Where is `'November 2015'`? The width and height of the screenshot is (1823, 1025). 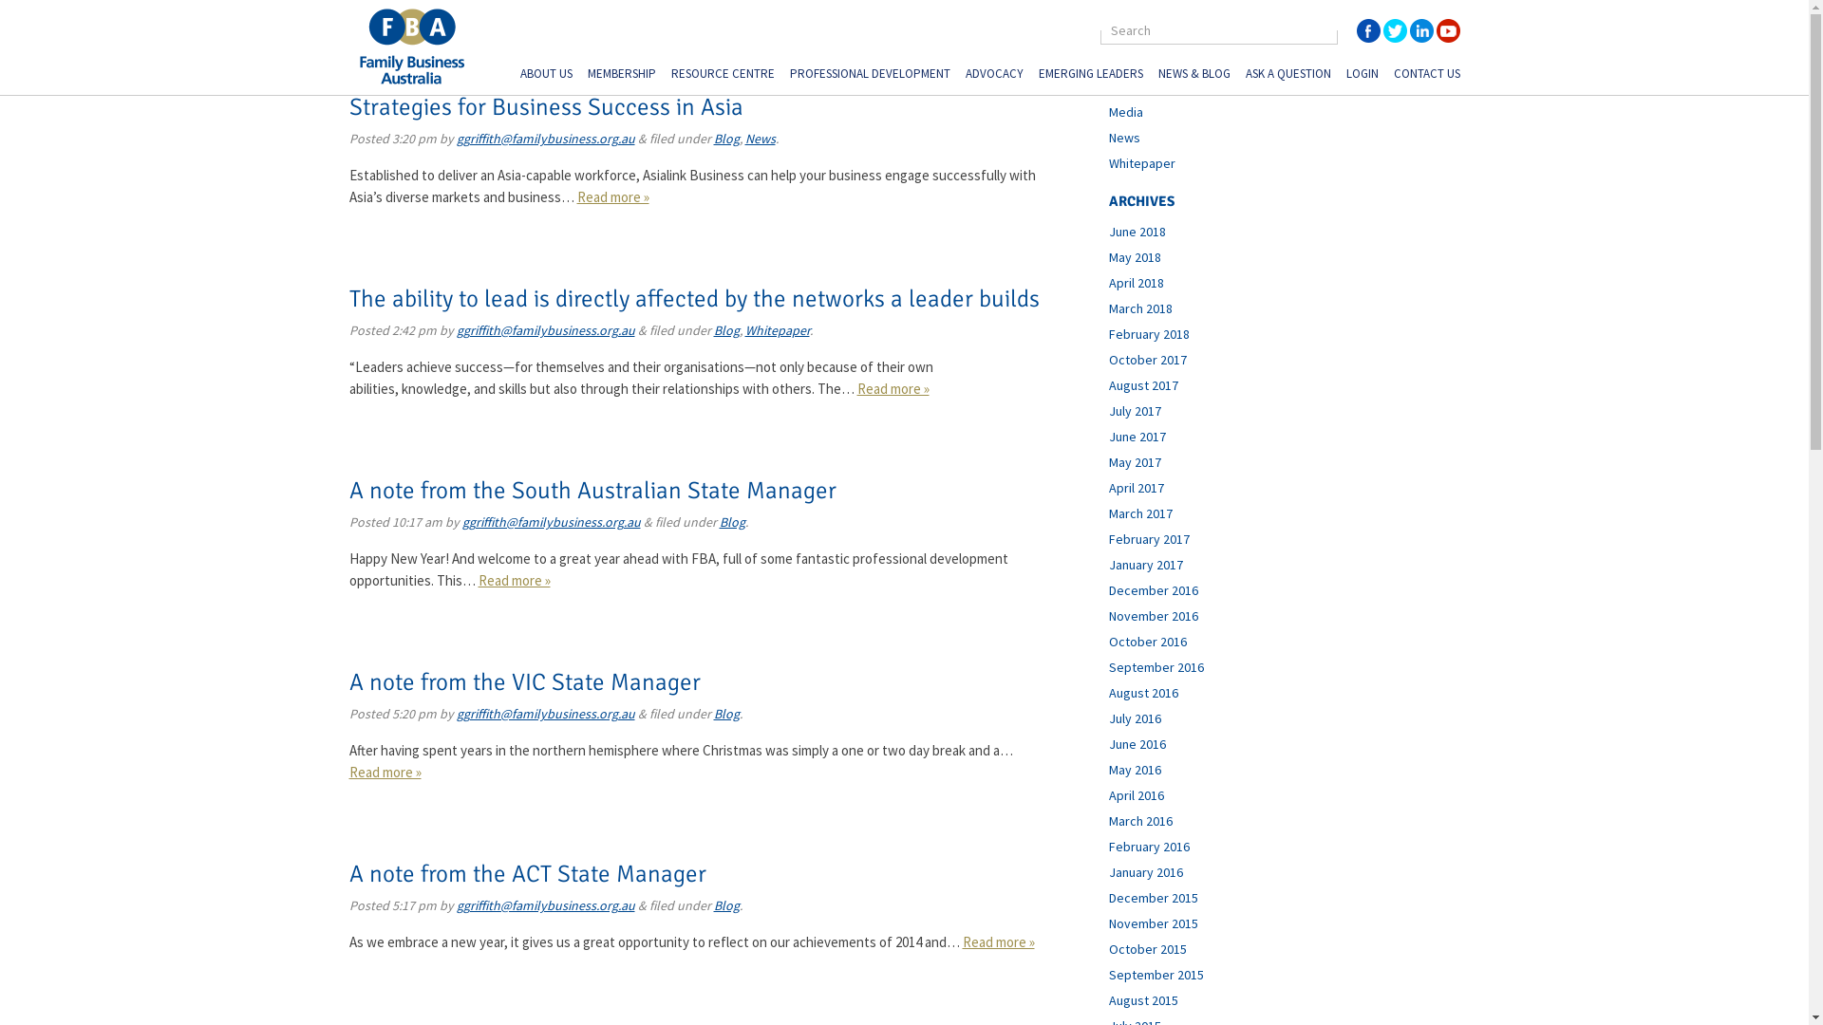 'November 2015' is located at coordinates (1152, 922).